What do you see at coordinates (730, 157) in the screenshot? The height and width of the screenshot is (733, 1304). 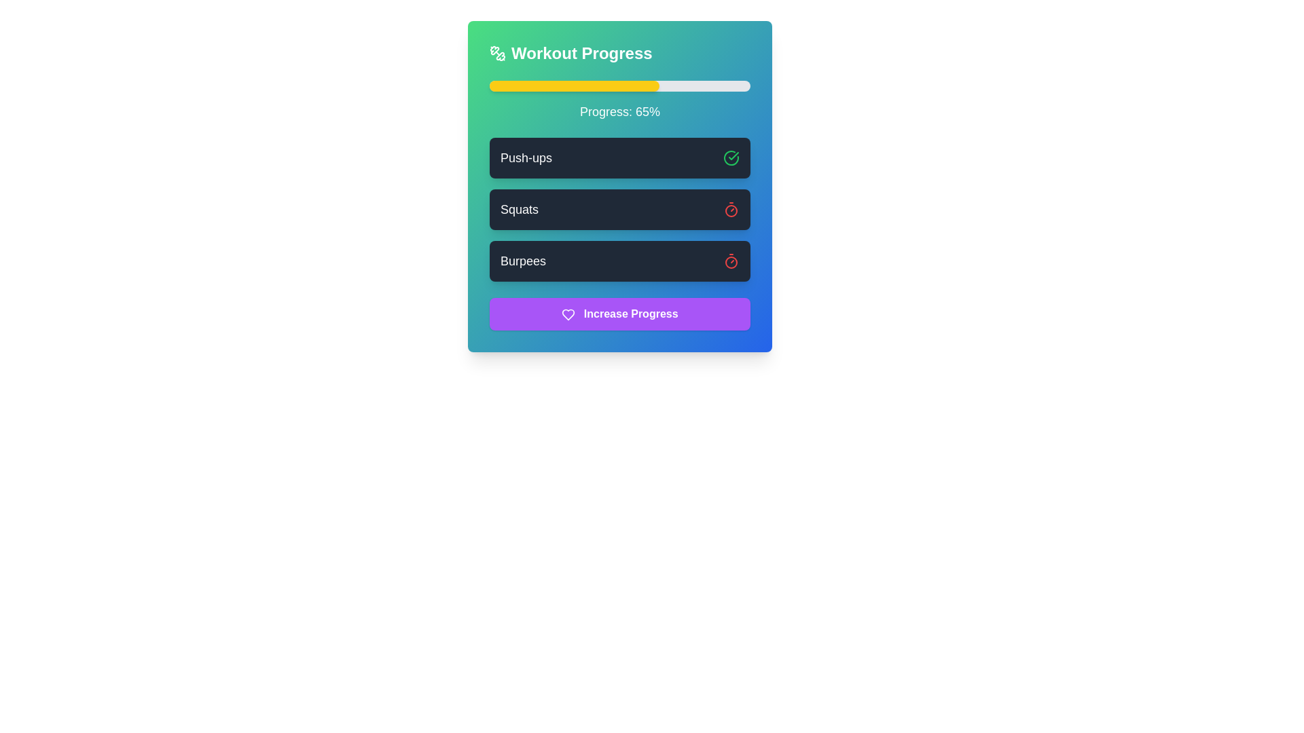 I see `the green circular check icon with a tick mark, located to the far-right side of the 'Push-ups' item in the workout tasks list` at bounding box center [730, 157].